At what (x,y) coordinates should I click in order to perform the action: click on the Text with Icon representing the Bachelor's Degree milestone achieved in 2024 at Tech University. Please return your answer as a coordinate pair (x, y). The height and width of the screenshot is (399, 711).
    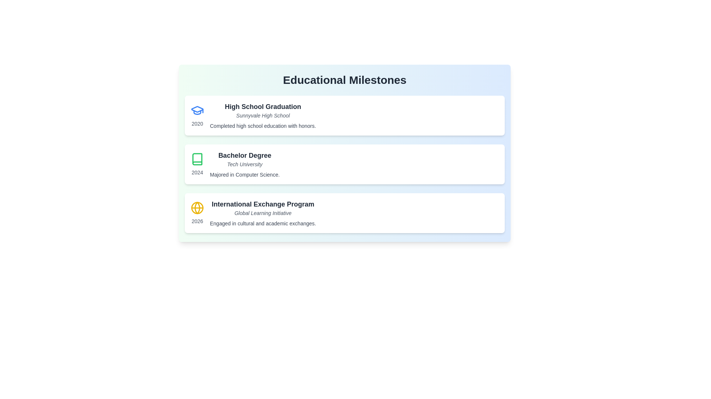
    Looking at the image, I should click on (197, 164).